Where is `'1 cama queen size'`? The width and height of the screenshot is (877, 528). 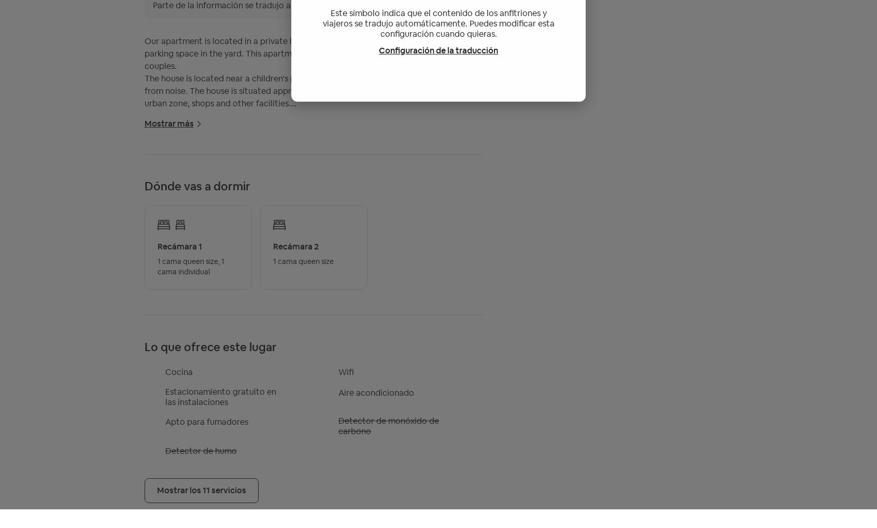
'1 cama queen size' is located at coordinates (302, 261).